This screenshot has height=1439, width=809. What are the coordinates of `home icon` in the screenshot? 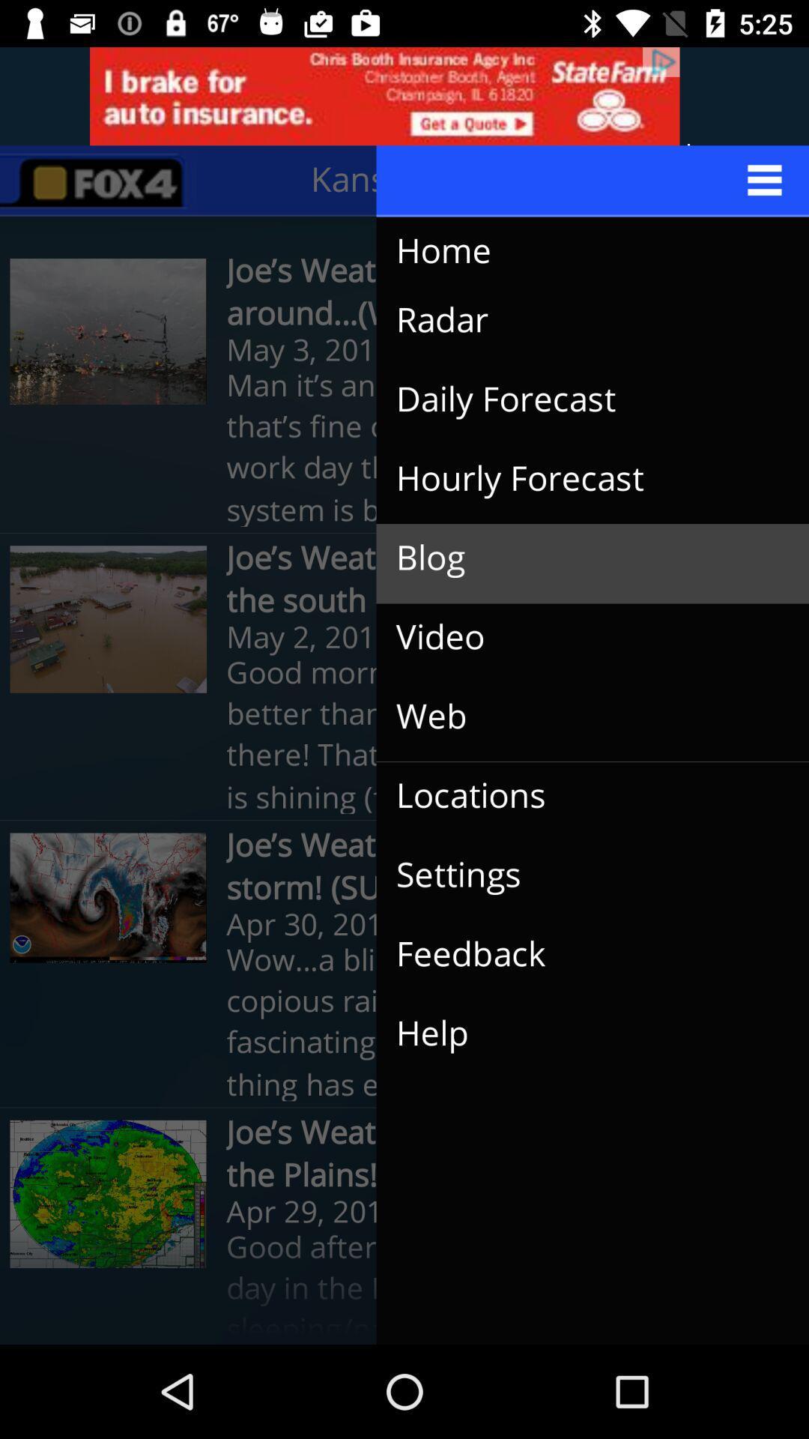 It's located at (577, 251).